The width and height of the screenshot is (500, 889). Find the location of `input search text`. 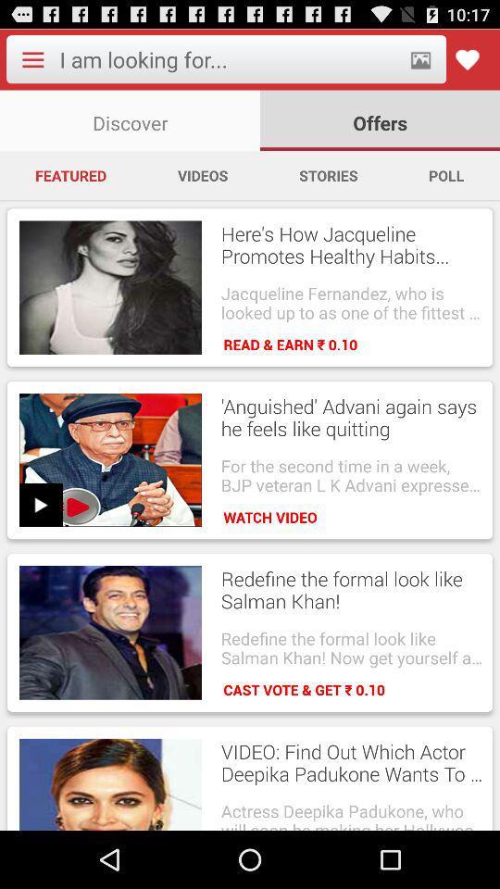

input search text is located at coordinates (229, 59).